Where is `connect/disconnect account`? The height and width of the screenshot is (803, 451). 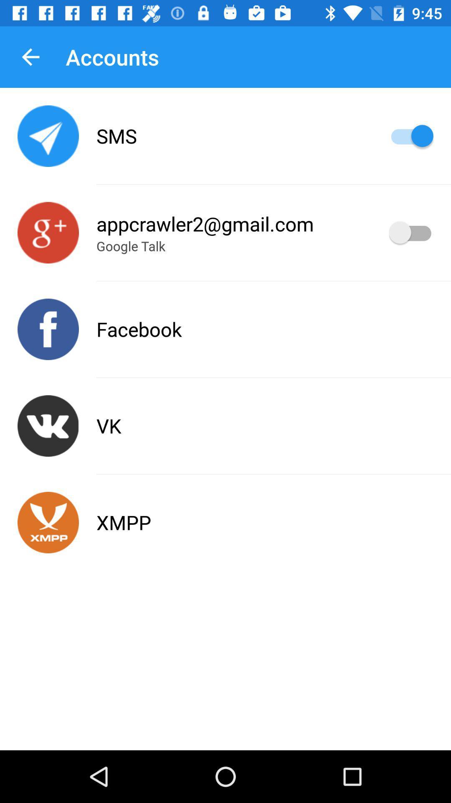 connect/disconnect account is located at coordinates (48, 233).